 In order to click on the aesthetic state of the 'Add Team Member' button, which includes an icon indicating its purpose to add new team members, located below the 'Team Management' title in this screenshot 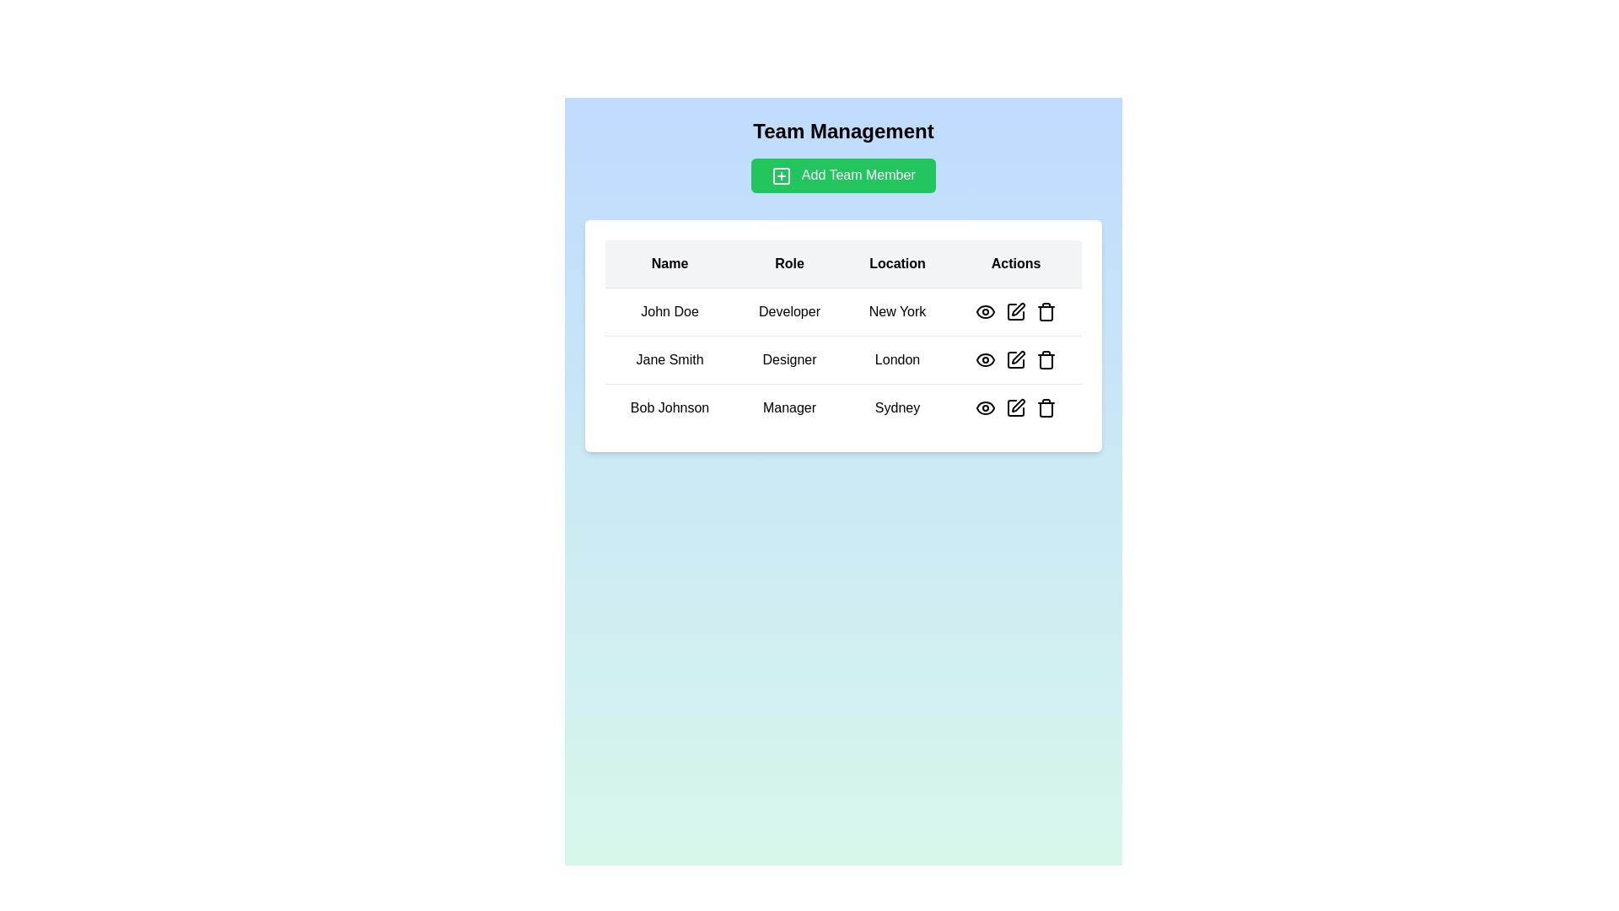, I will do `click(781, 175)`.